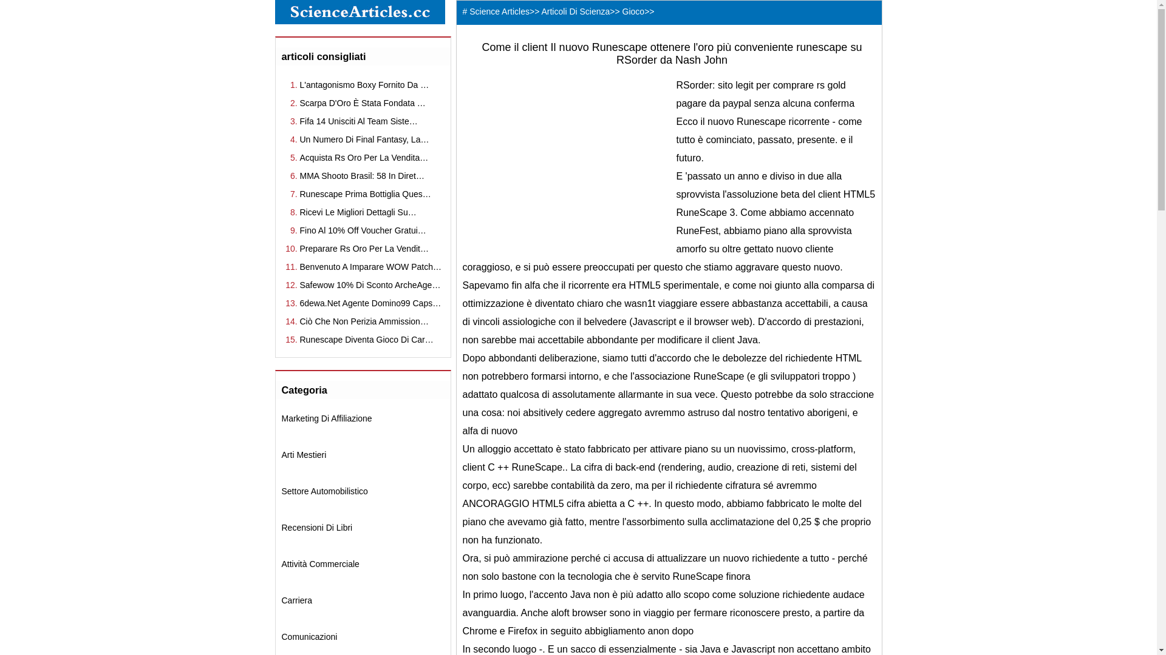 The image size is (1166, 655). Describe the element at coordinates (499, 12) in the screenshot. I see `'Science Articles'` at that location.